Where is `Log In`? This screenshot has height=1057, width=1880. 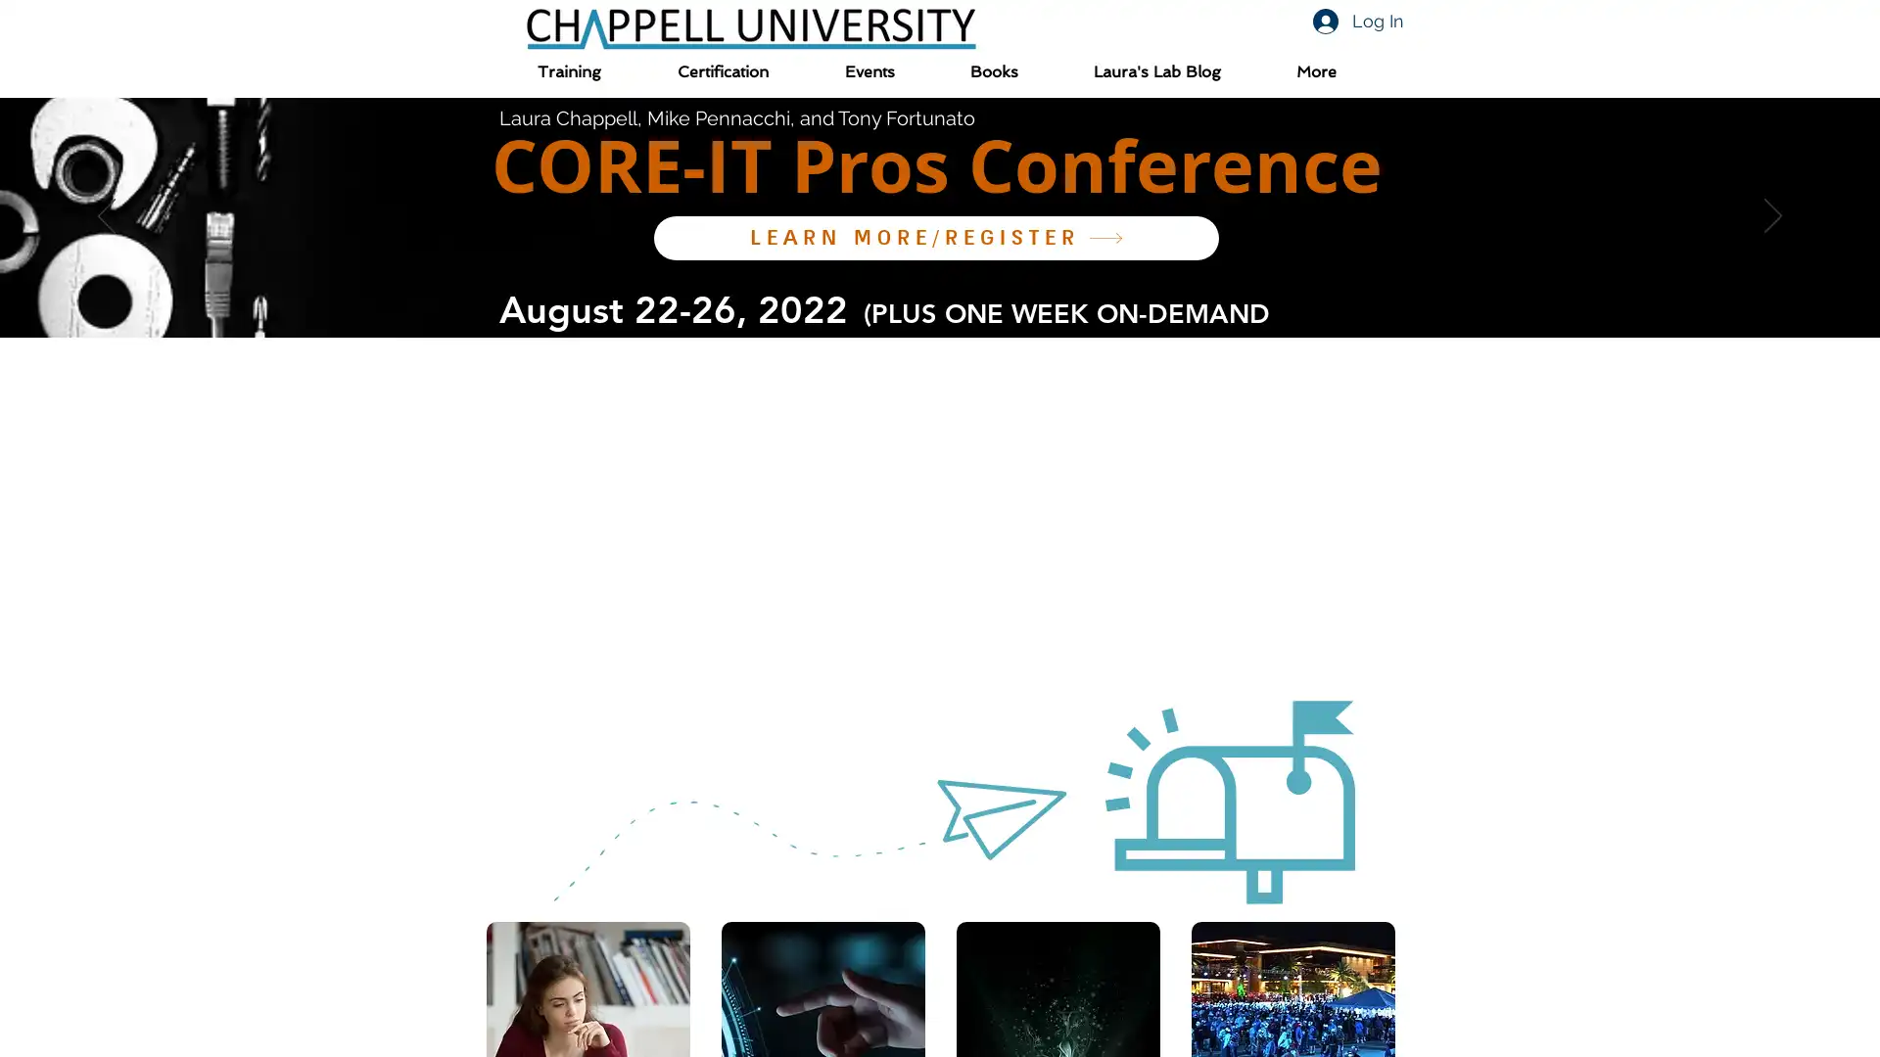 Log In is located at coordinates (1357, 21).